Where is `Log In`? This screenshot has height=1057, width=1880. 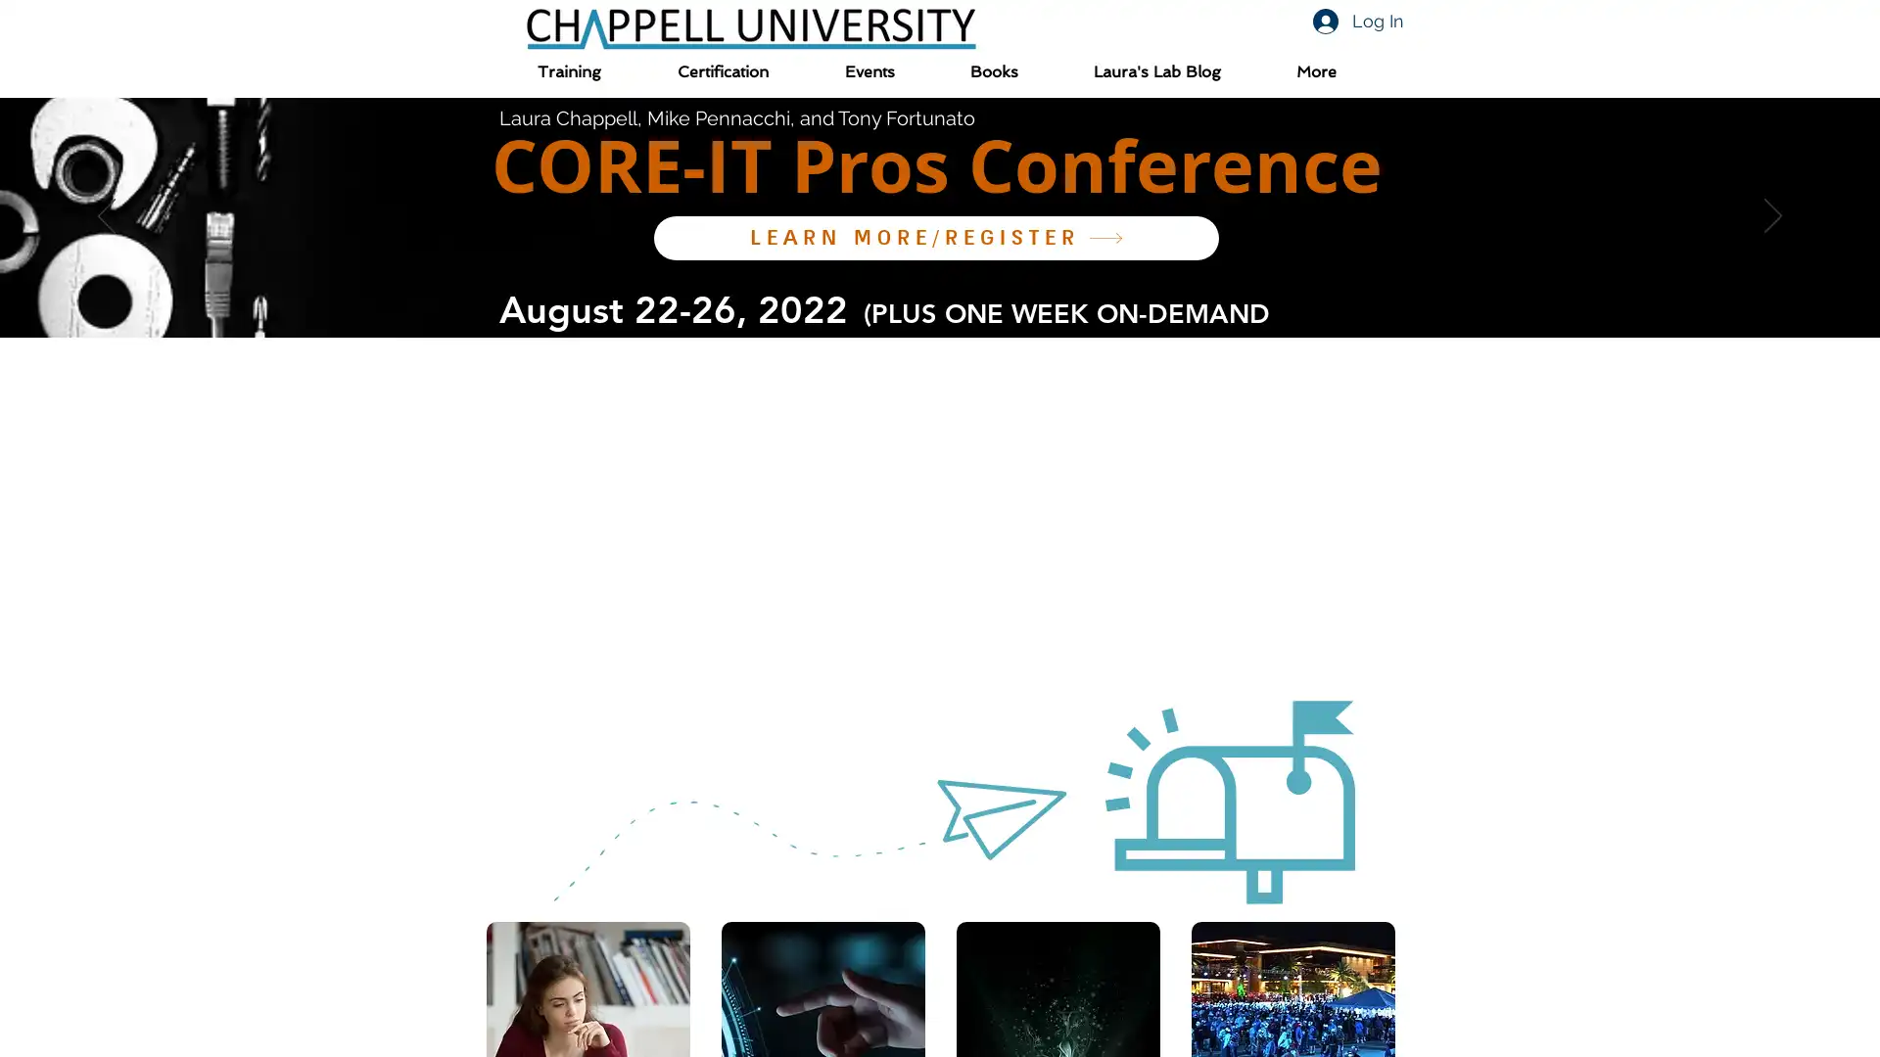 Log In is located at coordinates (1357, 21).